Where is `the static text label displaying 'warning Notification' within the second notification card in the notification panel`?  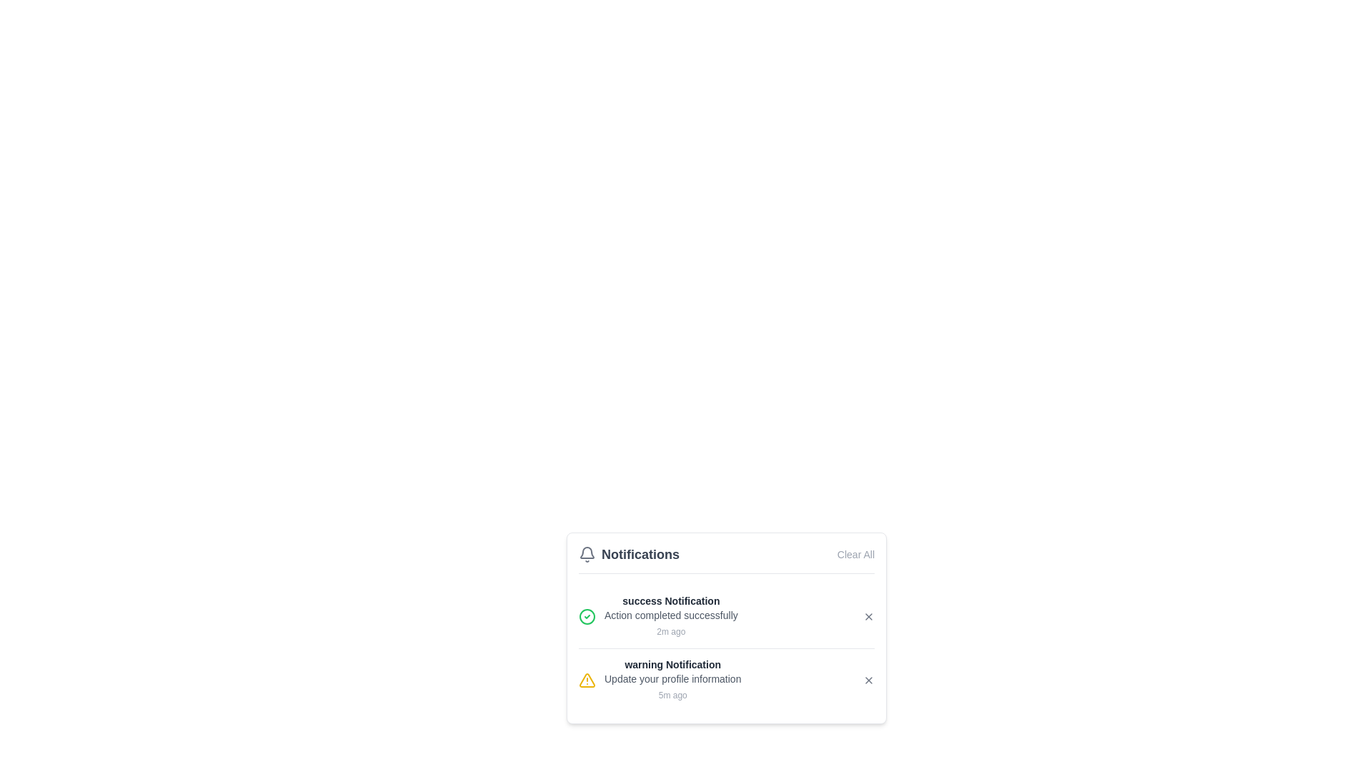
the static text label displaying 'warning Notification' within the second notification card in the notification panel is located at coordinates (672, 664).